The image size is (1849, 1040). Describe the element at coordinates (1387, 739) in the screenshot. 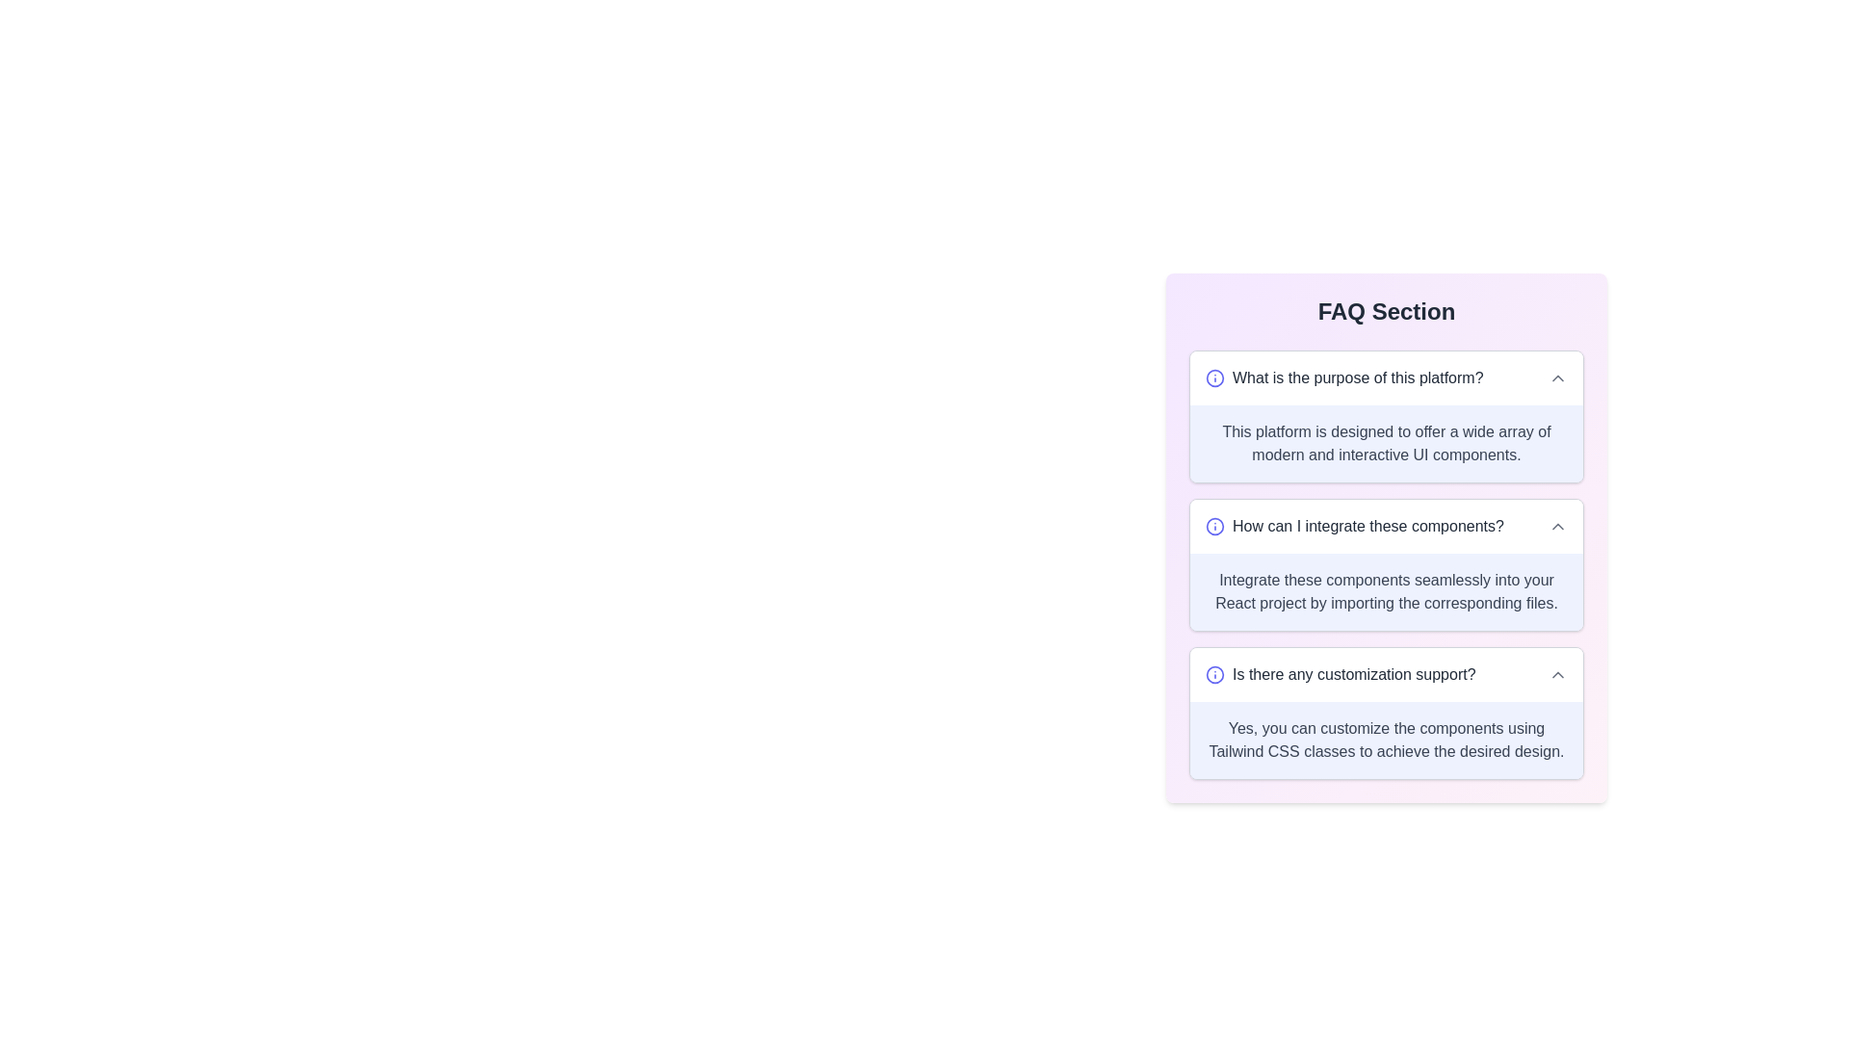

I see `text content displayed in the FAQ section, specifically within the rectangular block styled with gray text that states, 'Yes, you can customize the components using Tailwind CSS classes to achieve the desired design.'` at that location.